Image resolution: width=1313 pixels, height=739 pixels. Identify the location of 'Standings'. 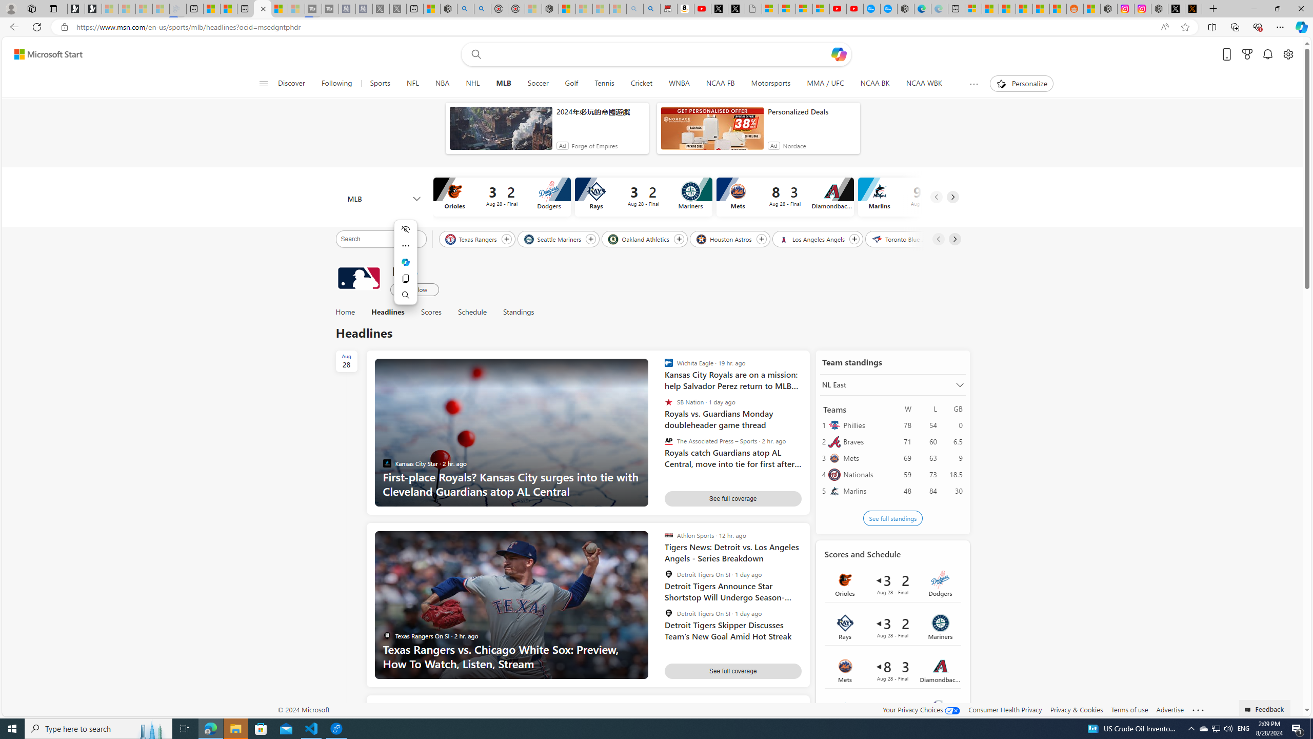
(514, 312).